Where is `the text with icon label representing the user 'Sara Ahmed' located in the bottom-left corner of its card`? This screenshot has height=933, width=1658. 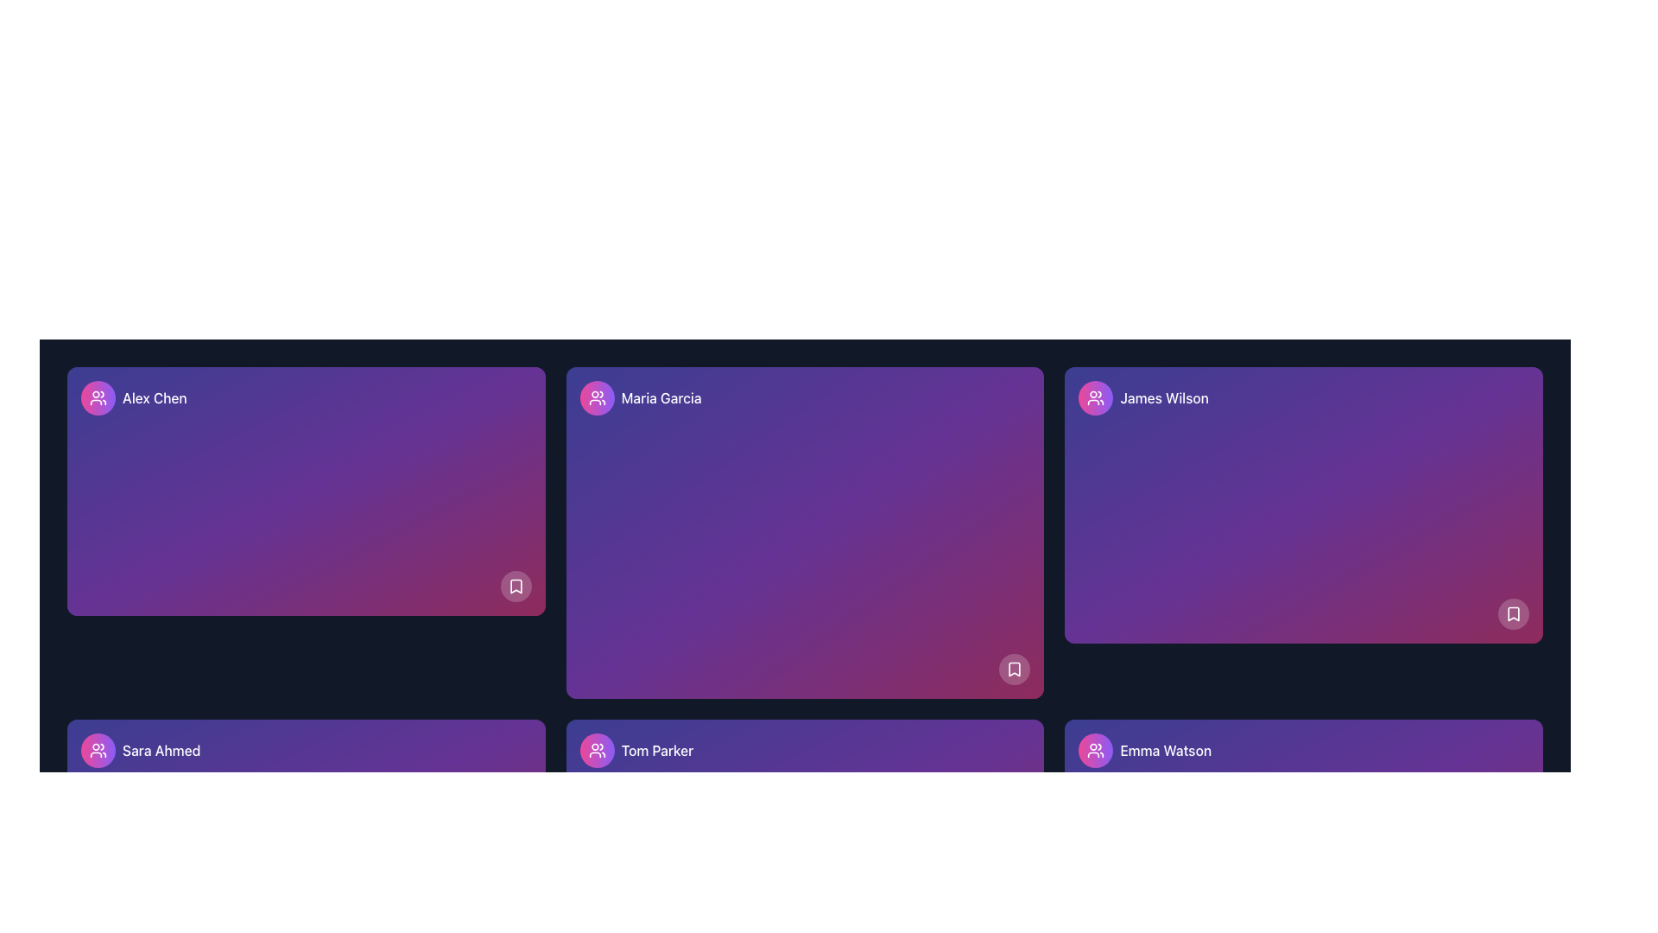
the text with icon label representing the user 'Sara Ahmed' located in the bottom-left corner of its card is located at coordinates (141, 749).